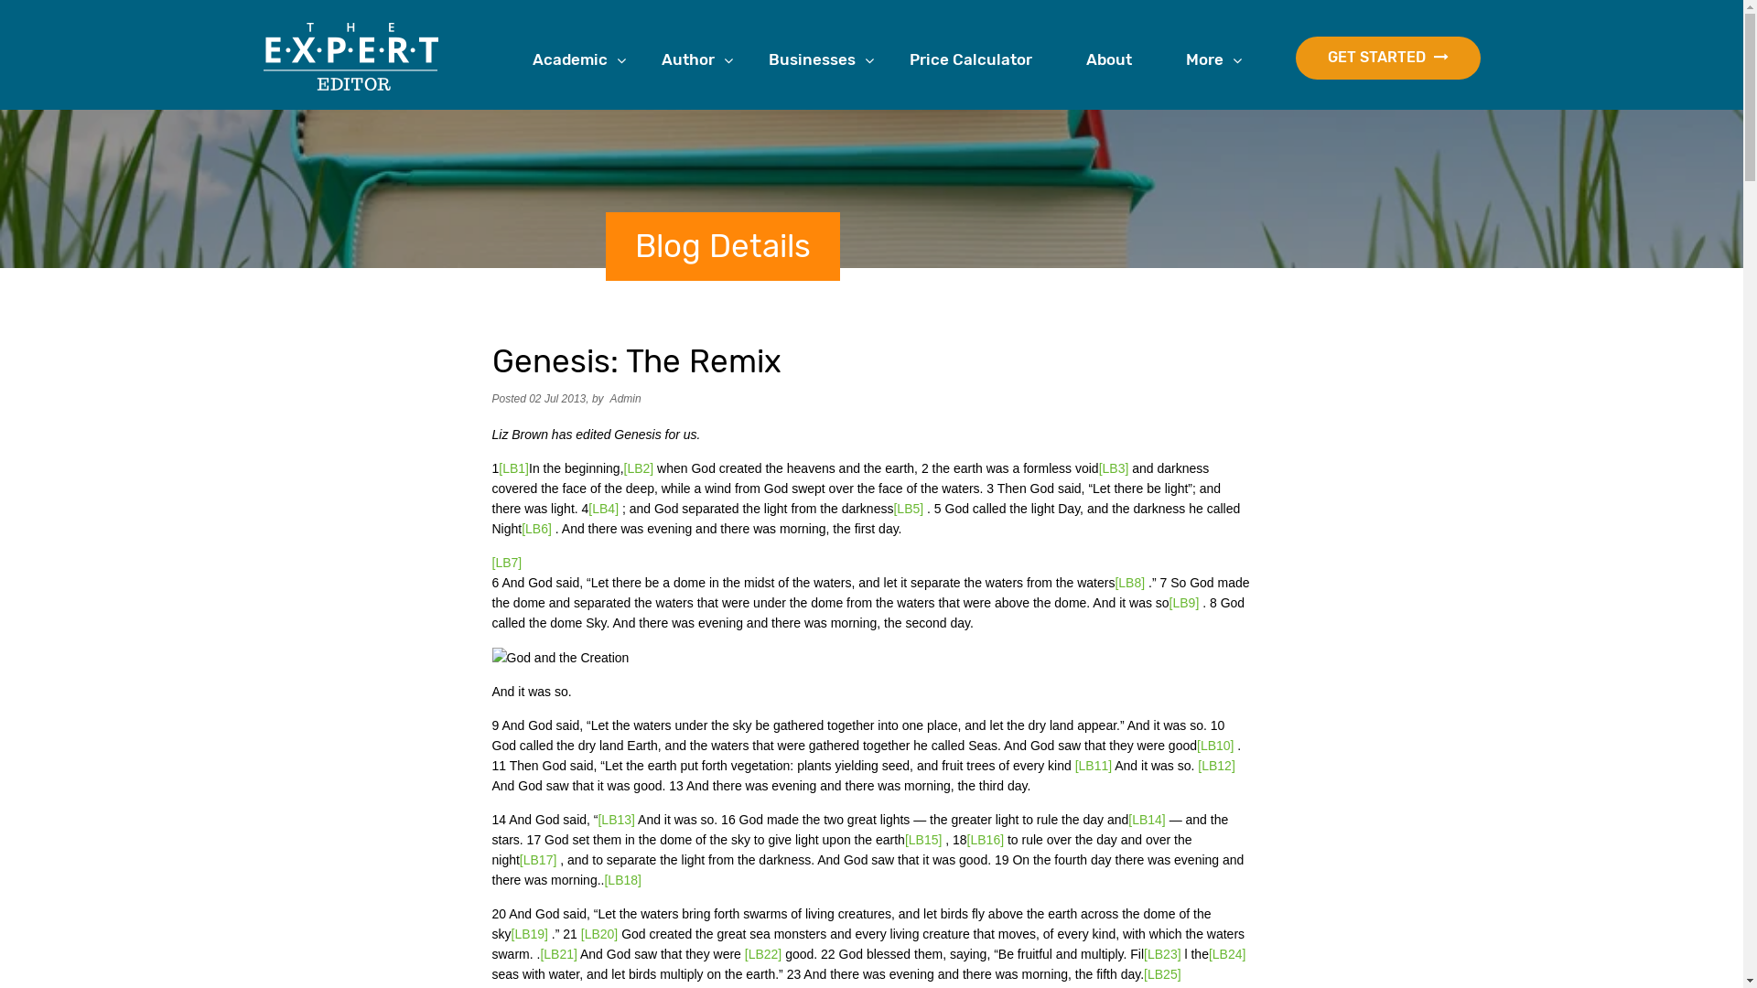 Image resolution: width=1757 pixels, height=988 pixels. Describe the element at coordinates (603, 508) in the screenshot. I see `'[LB4]'` at that location.